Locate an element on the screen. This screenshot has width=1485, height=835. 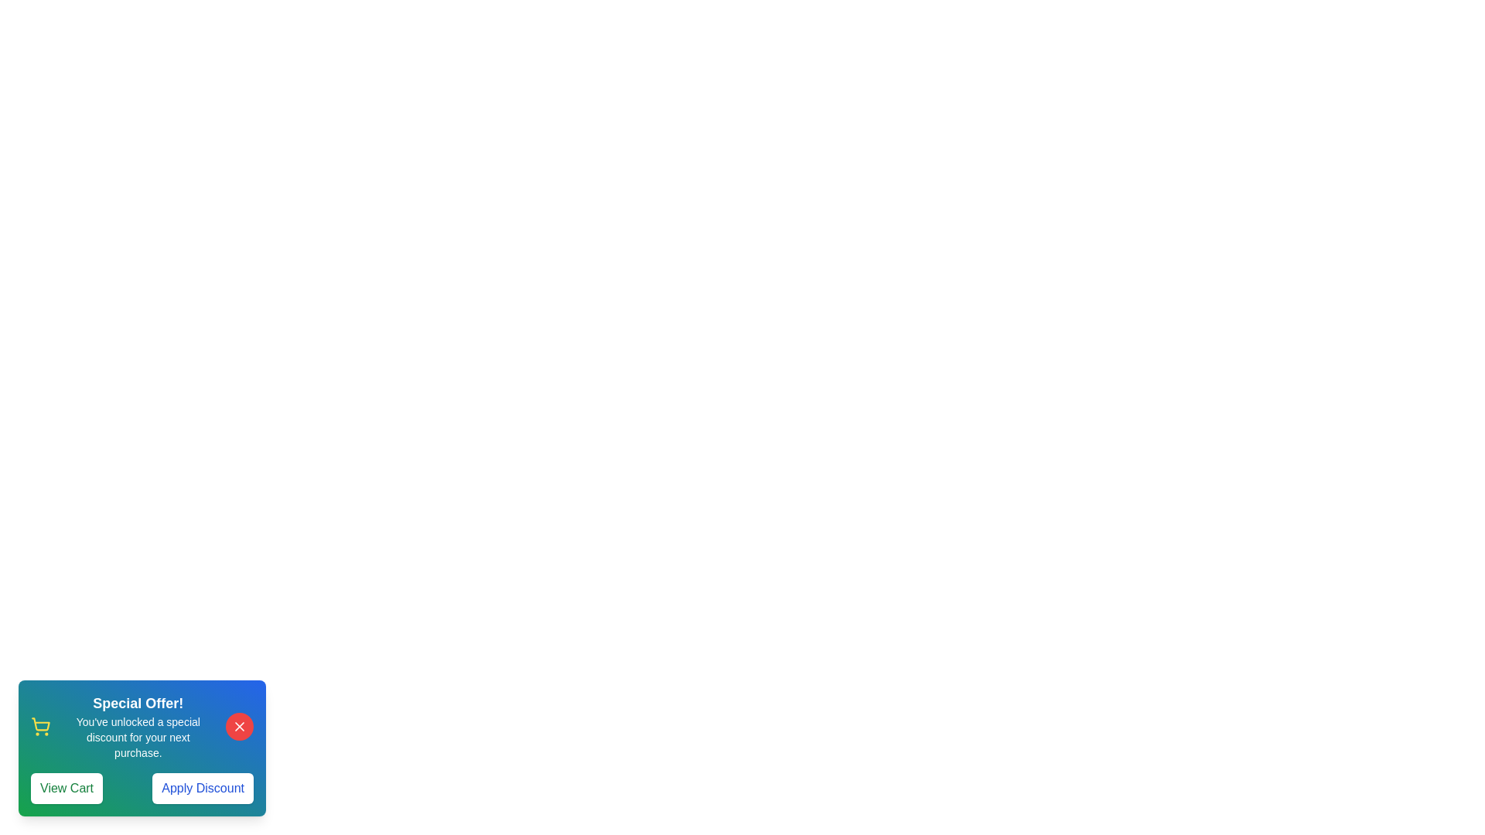
the 'Apply Discount' button to apply the discount is located at coordinates (202, 788).